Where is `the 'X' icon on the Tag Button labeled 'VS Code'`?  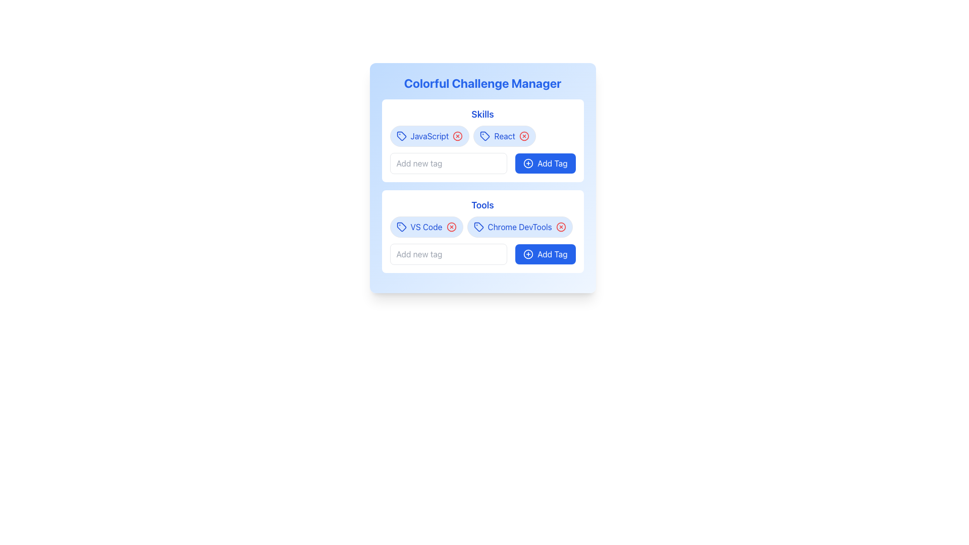 the 'X' icon on the Tag Button labeled 'VS Code' is located at coordinates (426, 227).